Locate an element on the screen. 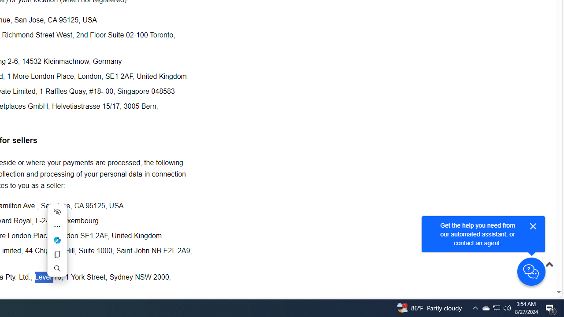 The width and height of the screenshot is (564, 317). 'Mini menu on text selection' is located at coordinates (56, 246).